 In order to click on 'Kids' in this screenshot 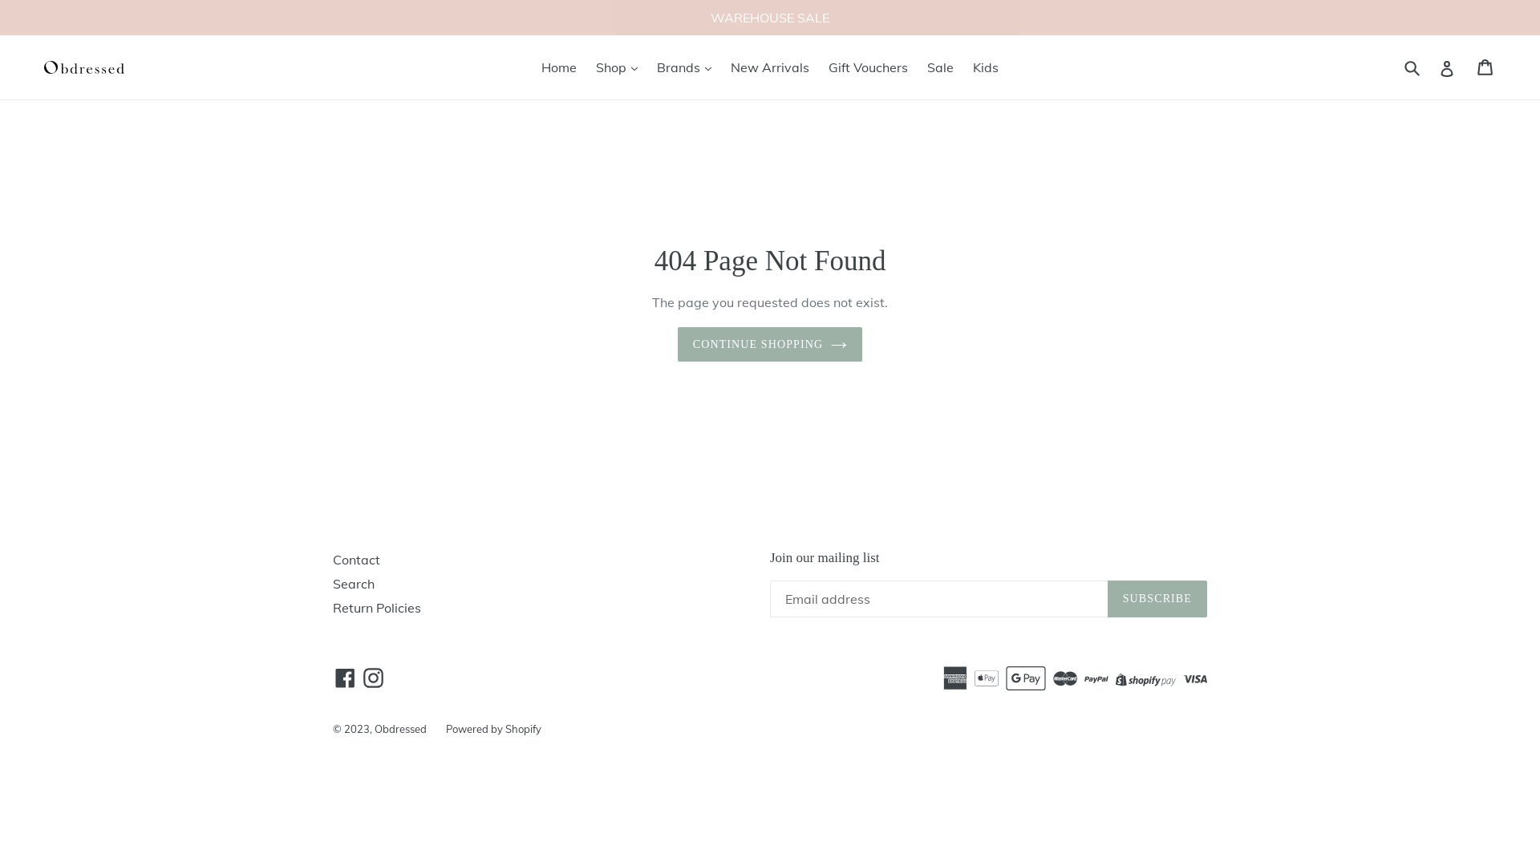, I will do `click(984, 67)`.